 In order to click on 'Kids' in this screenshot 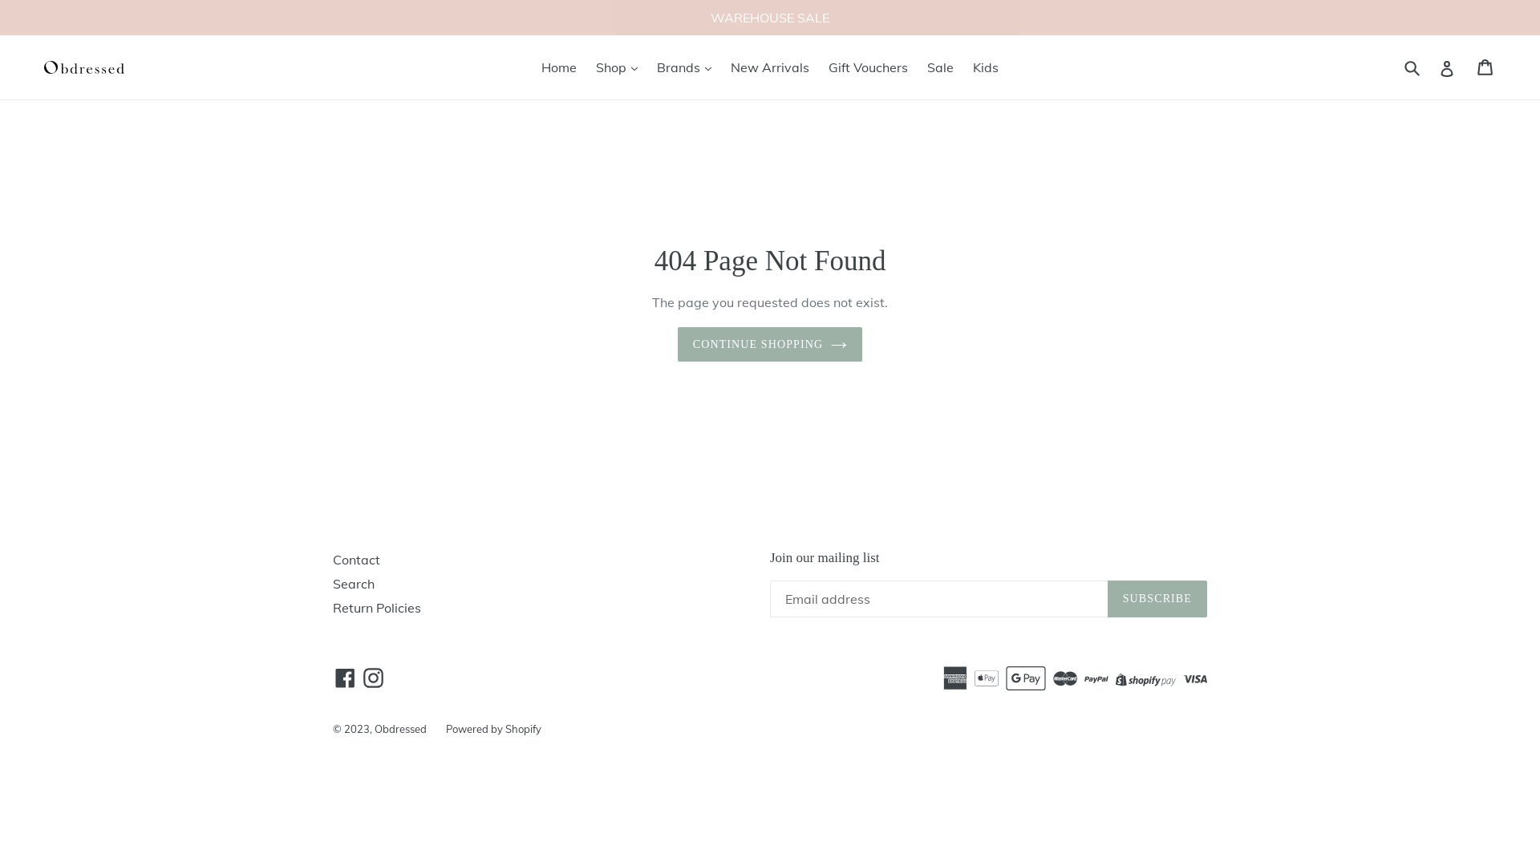, I will do `click(984, 67)`.